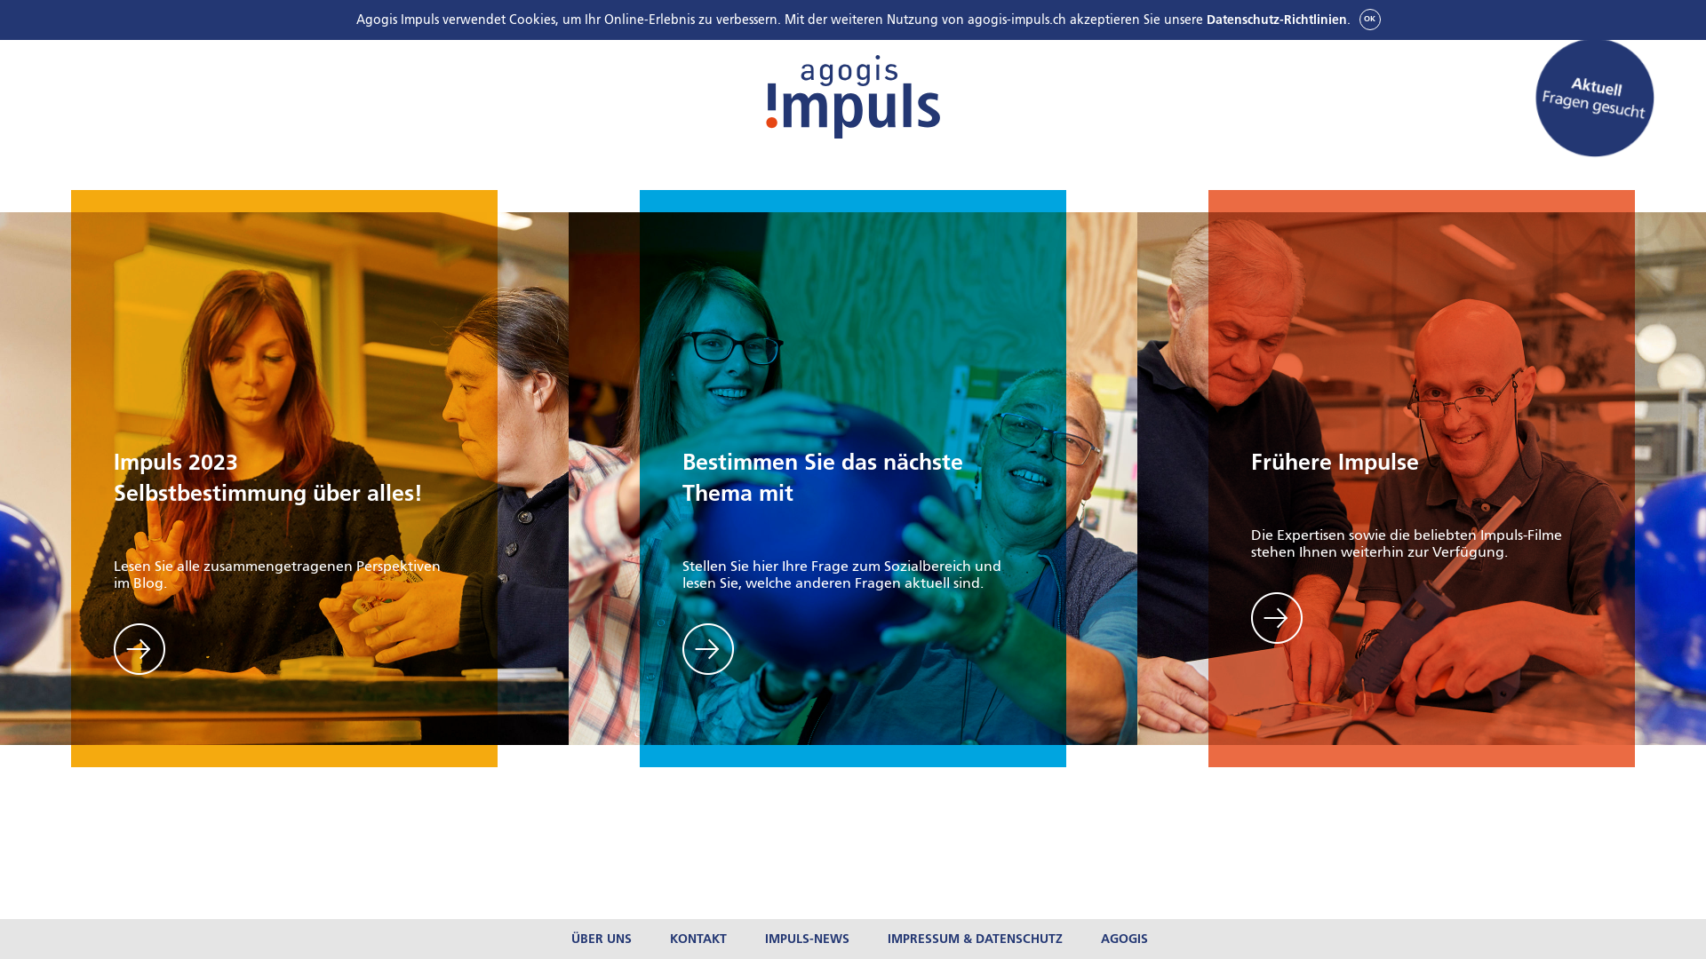 This screenshot has height=959, width=1706. Describe the element at coordinates (887, 938) in the screenshot. I see `'IMPRESSUM & DATENSCHUTZ'` at that location.